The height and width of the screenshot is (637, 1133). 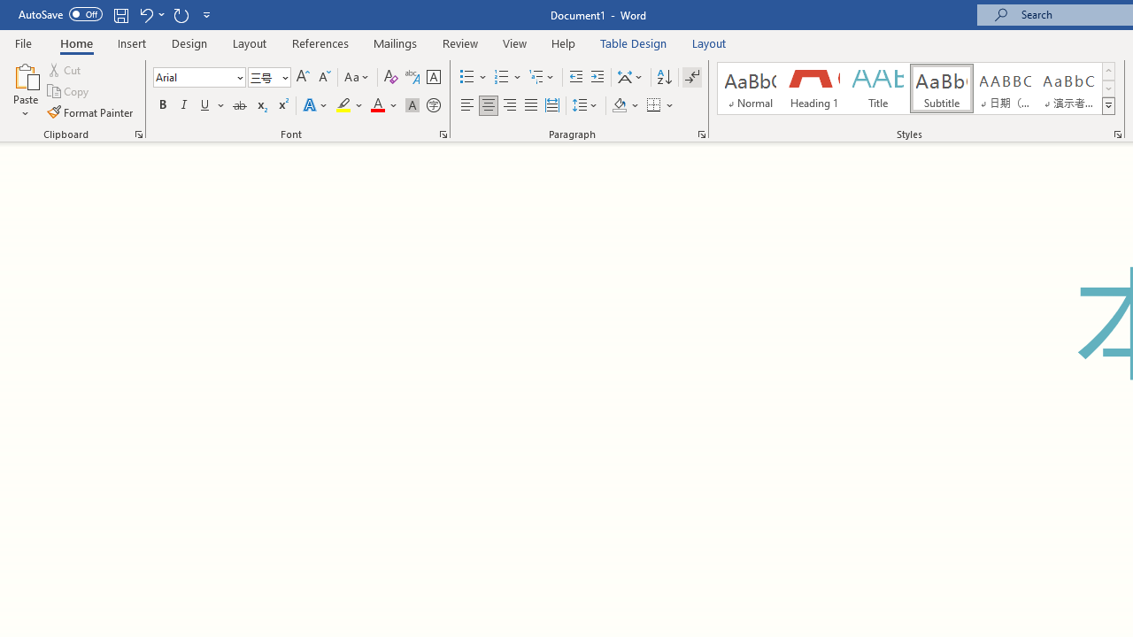 What do you see at coordinates (150, 14) in the screenshot?
I see `'Undo Paste'` at bounding box center [150, 14].